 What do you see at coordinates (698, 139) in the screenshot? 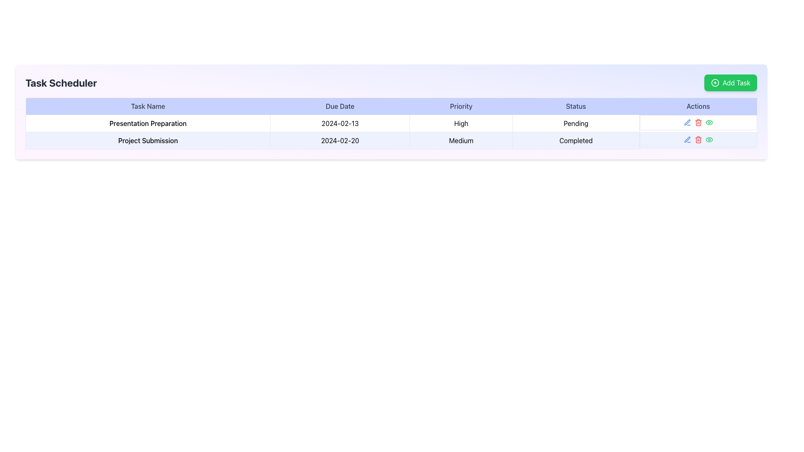
I see `the trash can icon button located as the third interactive icon in the actions column of the second row in the task table` at bounding box center [698, 139].